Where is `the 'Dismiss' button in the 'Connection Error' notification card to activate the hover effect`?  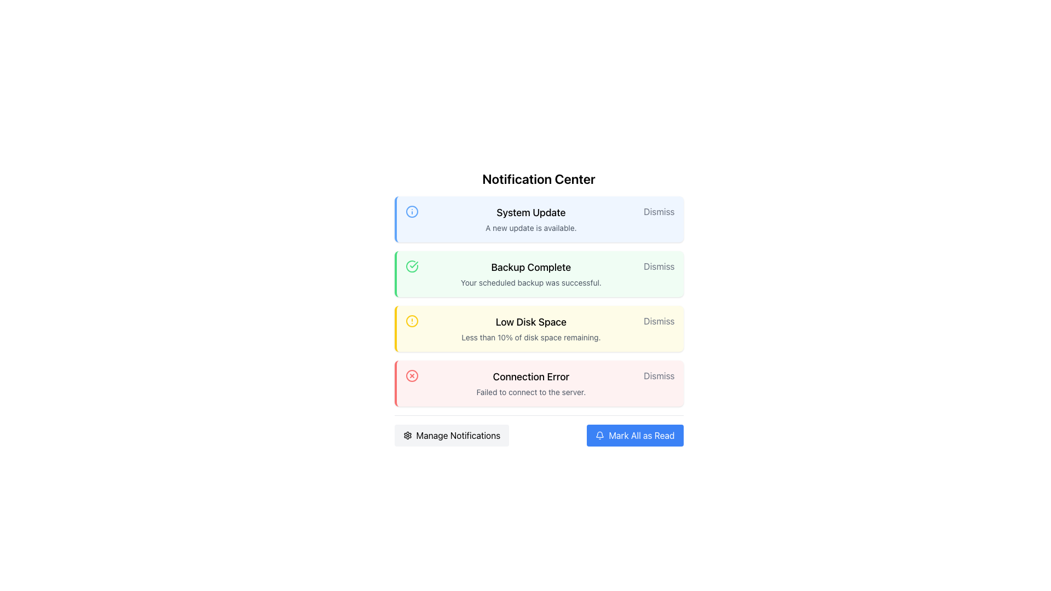 the 'Dismiss' button in the 'Connection Error' notification card to activate the hover effect is located at coordinates (659, 375).